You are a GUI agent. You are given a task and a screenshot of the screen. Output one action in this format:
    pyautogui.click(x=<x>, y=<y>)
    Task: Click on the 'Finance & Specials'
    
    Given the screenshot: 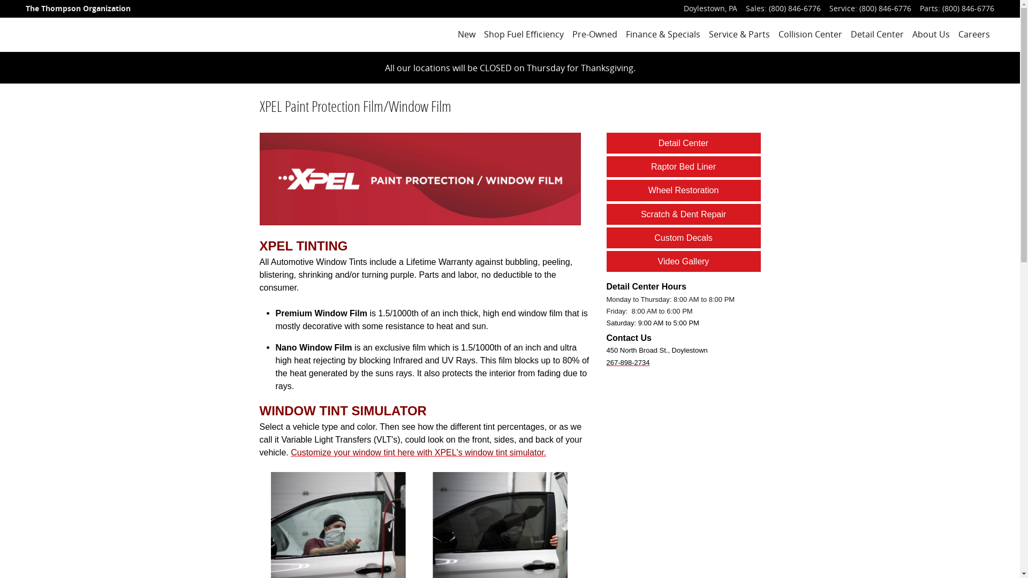 What is the action you would take?
    pyautogui.click(x=626, y=34)
    